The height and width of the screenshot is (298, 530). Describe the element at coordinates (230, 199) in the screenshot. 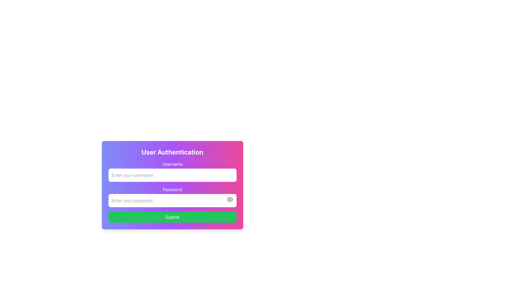

I see `the show/hide password toggle icon located at the top-right corner of the password entry box` at that location.